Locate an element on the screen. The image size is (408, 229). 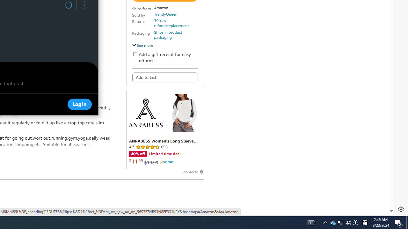
'Show desktop' is located at coordinates (398, 222).